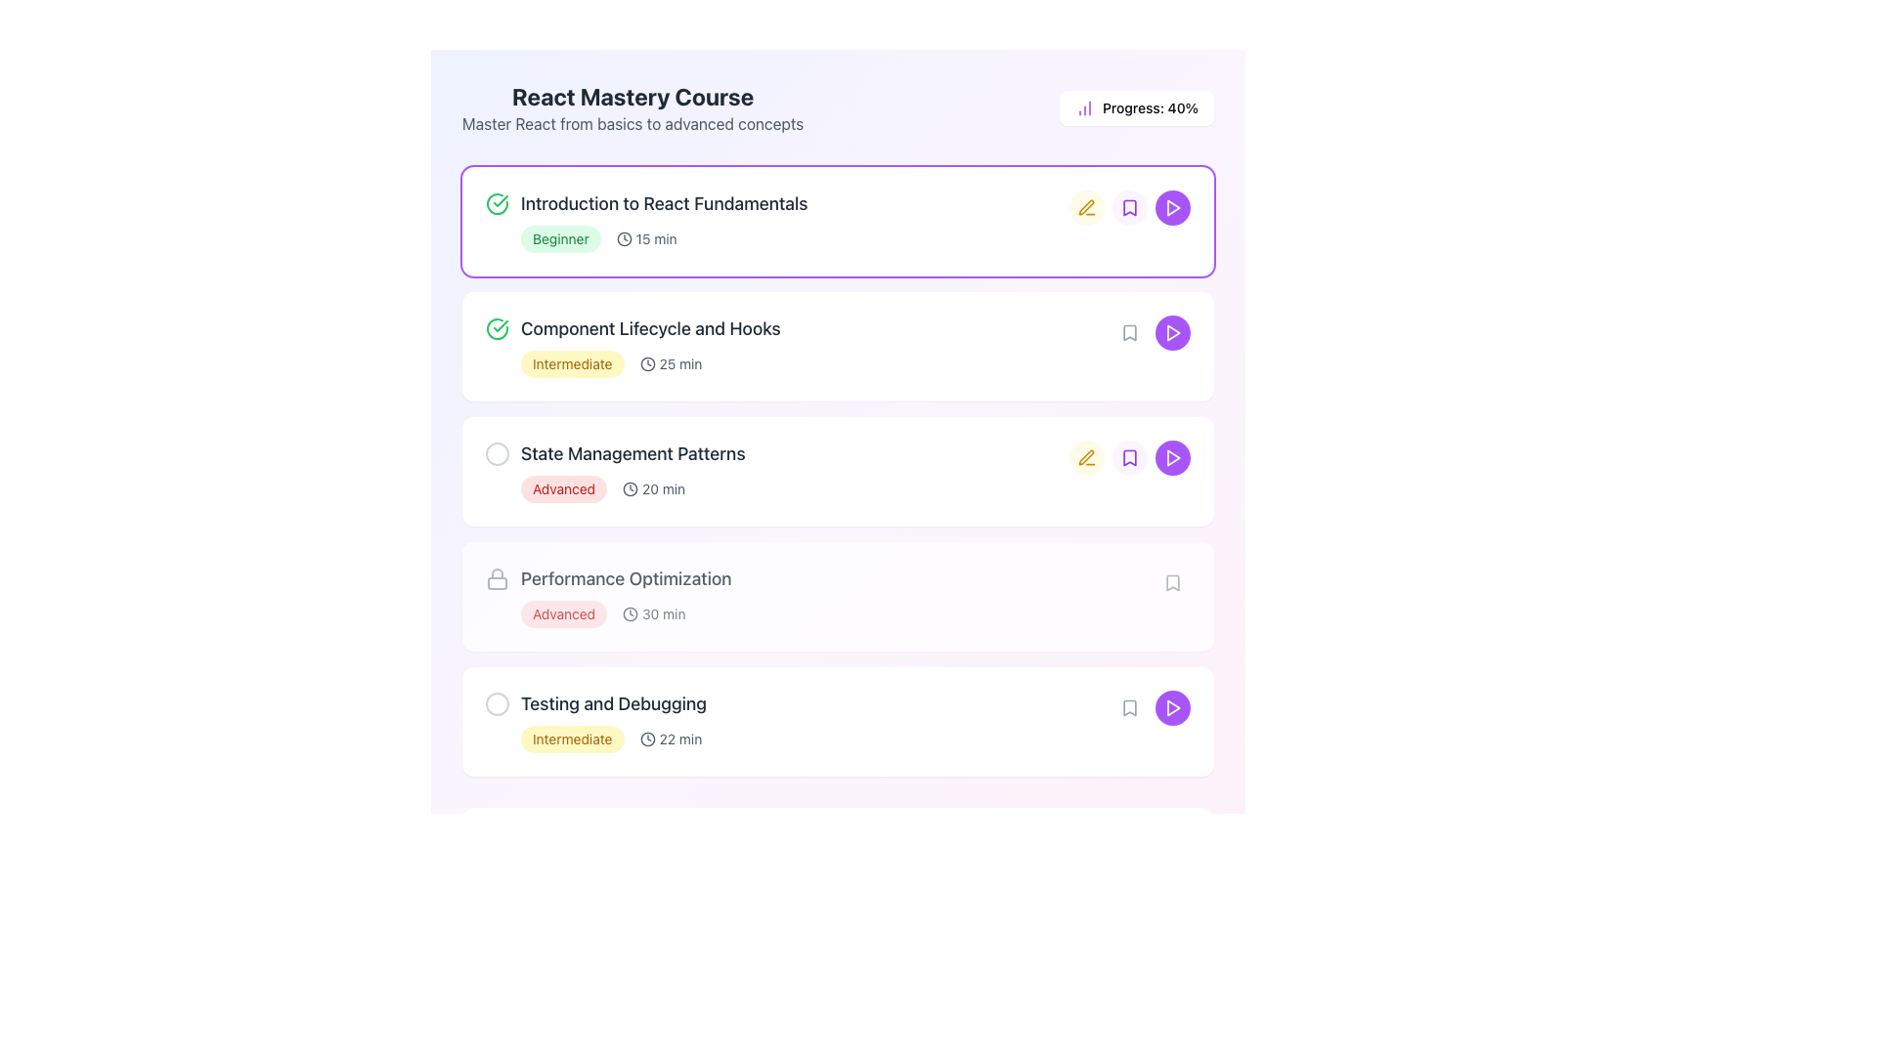 The height and width of the screenshot is (1055, 1877). Describe the element at coordinates (654, 488) in the screenshot. I see `the text label with the clock icon indicating '20 min', located under the 'Advanced' badge in the 'State Management Patterns' section` at that location.